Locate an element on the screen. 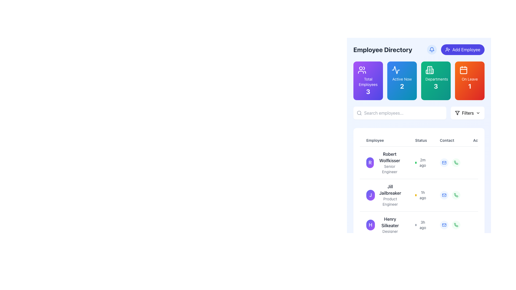 The height and width of the screenshot is (290, 516). the Timestamp element that shows '1h ago' with a yellow circular indicator, located in the 'Status' column below the employee name 'Jill Jailbreaker' is located at coordinates (421, 195).